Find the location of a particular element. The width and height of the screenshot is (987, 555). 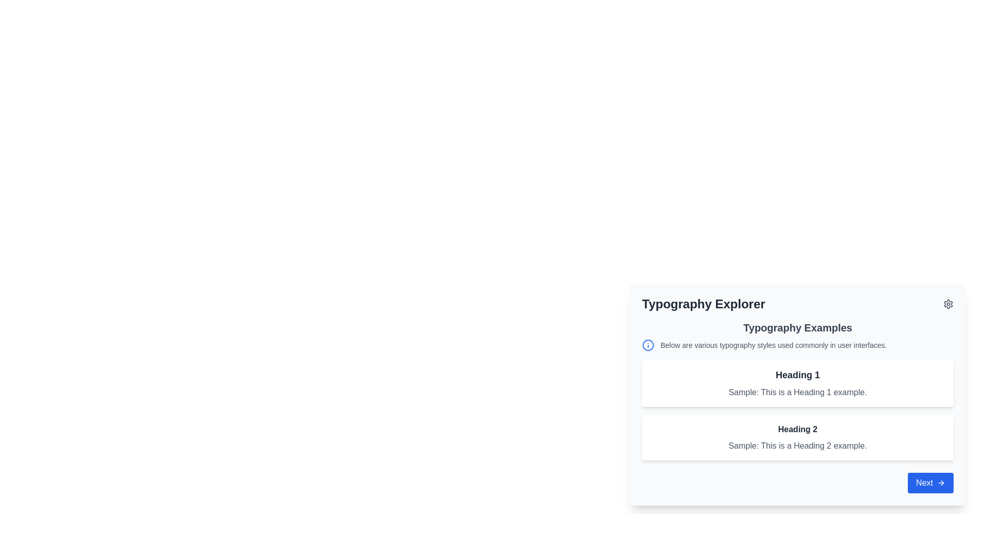

instructional text displayed in the Text block located in the middle of the card under the title 'Typography Explorer' is located at coordinates (797, 390).